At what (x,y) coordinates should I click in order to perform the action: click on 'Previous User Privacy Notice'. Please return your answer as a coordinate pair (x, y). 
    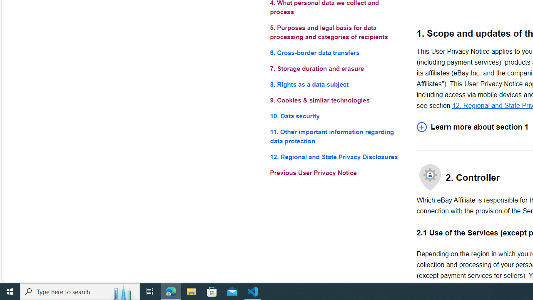
    Looking at the image, I should click on (336, 172).